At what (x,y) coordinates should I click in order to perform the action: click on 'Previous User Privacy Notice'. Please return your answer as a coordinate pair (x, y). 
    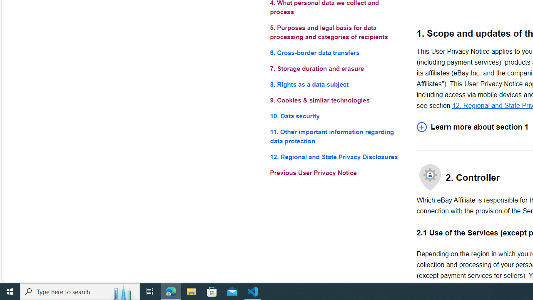
    Looking at the image, I should click on (336, 172).